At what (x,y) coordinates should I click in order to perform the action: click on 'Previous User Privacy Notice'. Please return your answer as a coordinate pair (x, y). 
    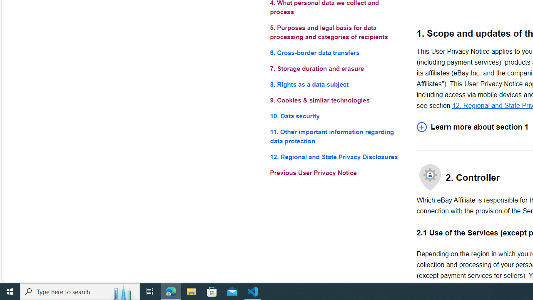
    Looking at the image, I should click on (336, 172).